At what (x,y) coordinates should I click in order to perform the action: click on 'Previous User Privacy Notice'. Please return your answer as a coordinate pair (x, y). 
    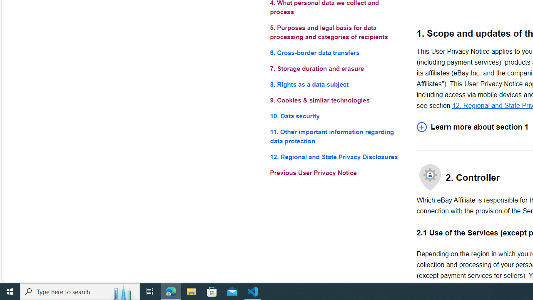
    Looking at the image, I should click on (336, 172).